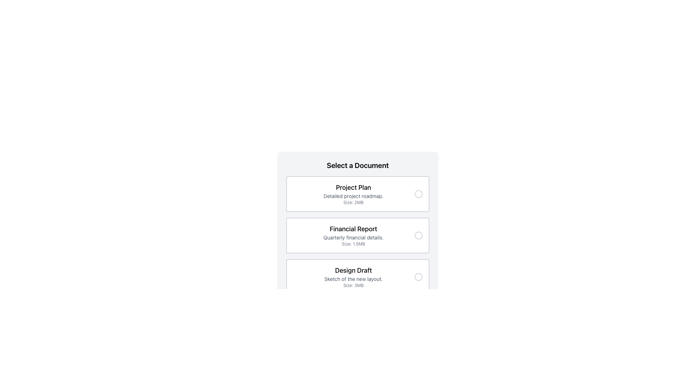  I want to click on the text phrase that reads 'Quarterly financial details.' which is styled in a small-sized grey font and located beneath the 'Financial Report' title, so click(354, 237).